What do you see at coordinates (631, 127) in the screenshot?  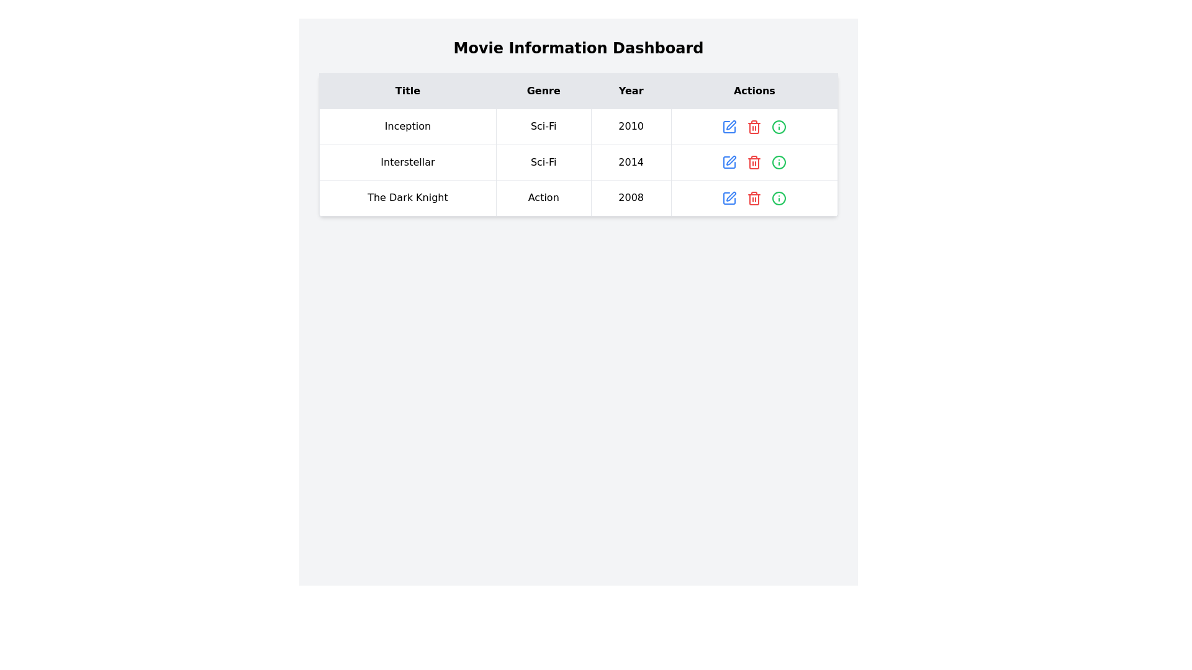 I see `the static text element displaying '2010' in black font, located in the 'Year' column of the movie table for 'Inception'` at bounding box center [631, 127].